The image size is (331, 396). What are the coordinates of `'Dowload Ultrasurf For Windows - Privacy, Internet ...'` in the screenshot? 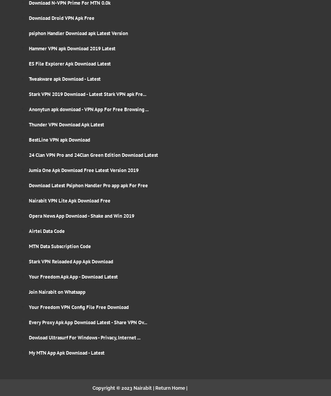 It's located at (84, 337).